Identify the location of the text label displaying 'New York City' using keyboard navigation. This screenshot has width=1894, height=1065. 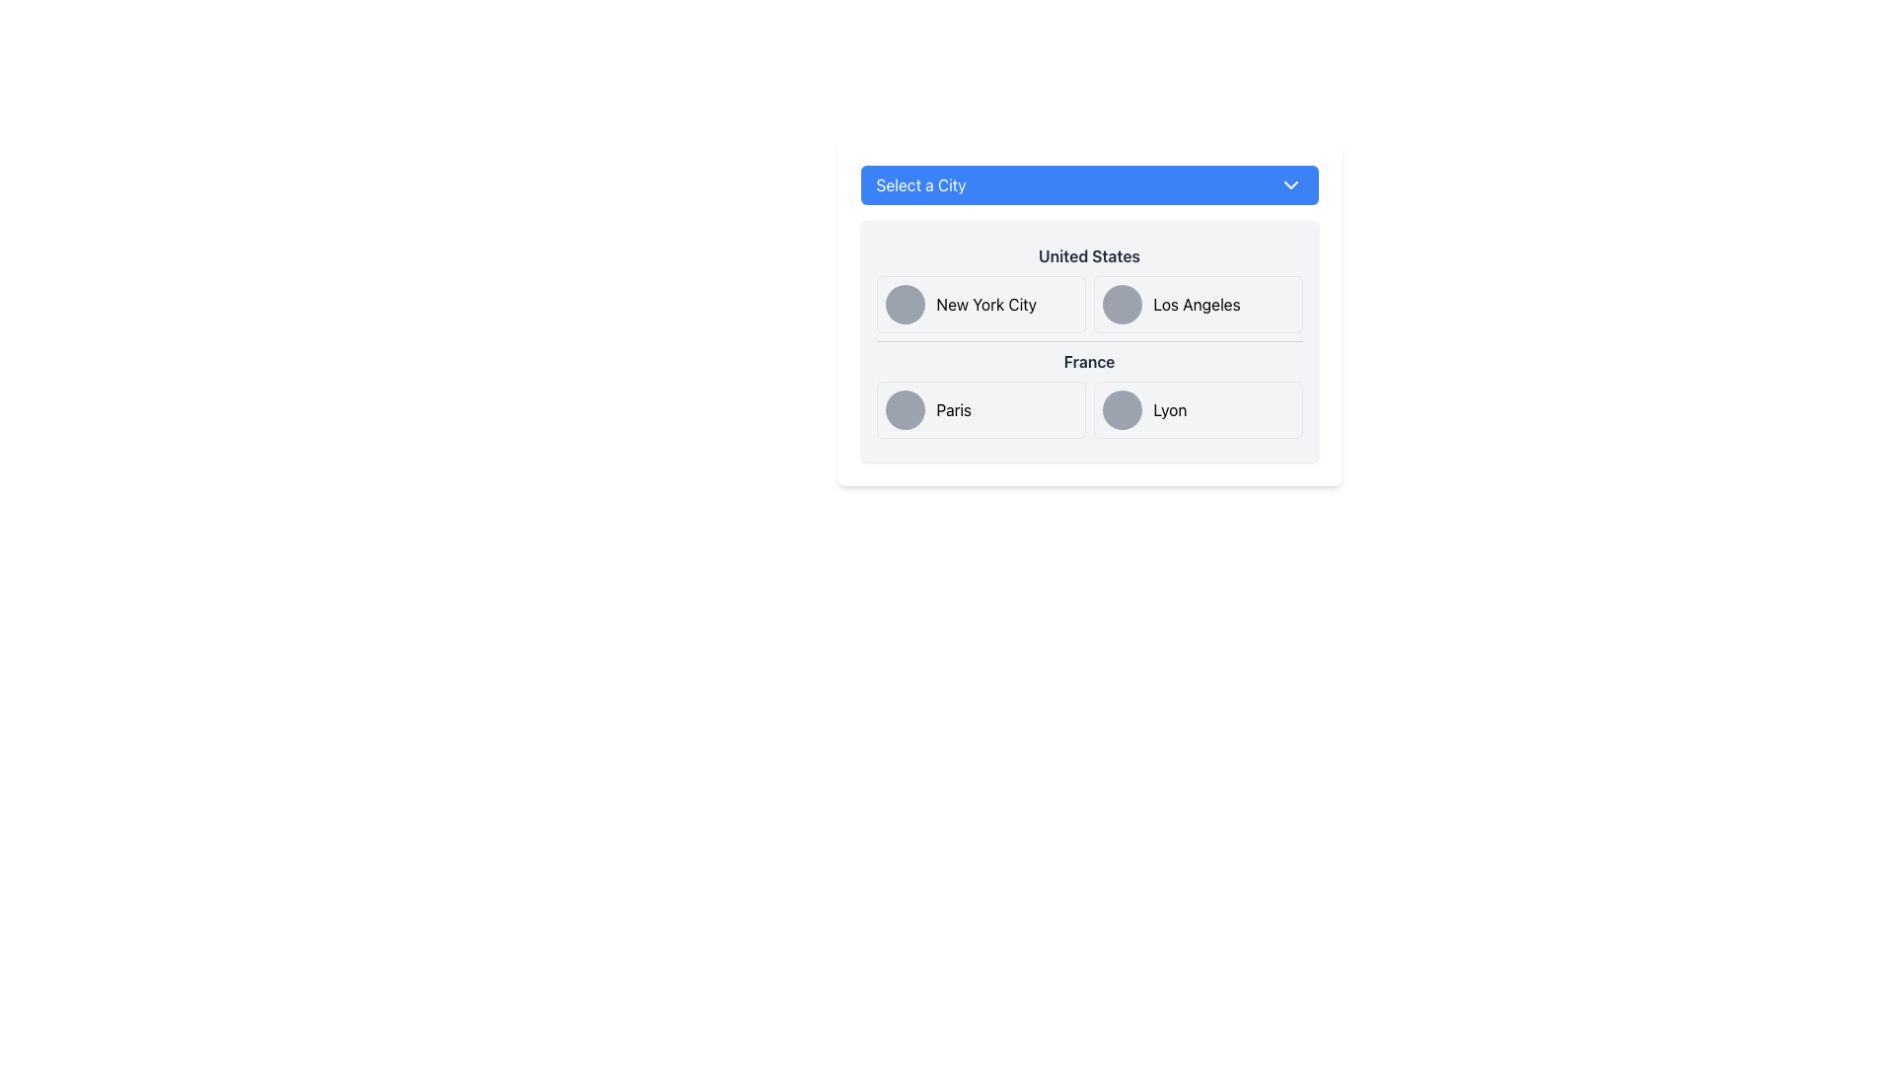
(986, 304).